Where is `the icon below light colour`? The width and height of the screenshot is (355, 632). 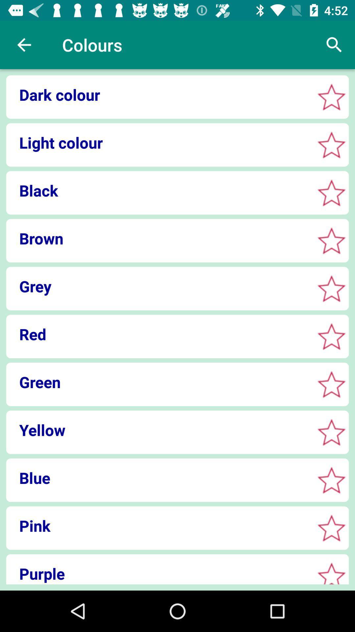 the icon below light colour is located at coordinates (158, 190).